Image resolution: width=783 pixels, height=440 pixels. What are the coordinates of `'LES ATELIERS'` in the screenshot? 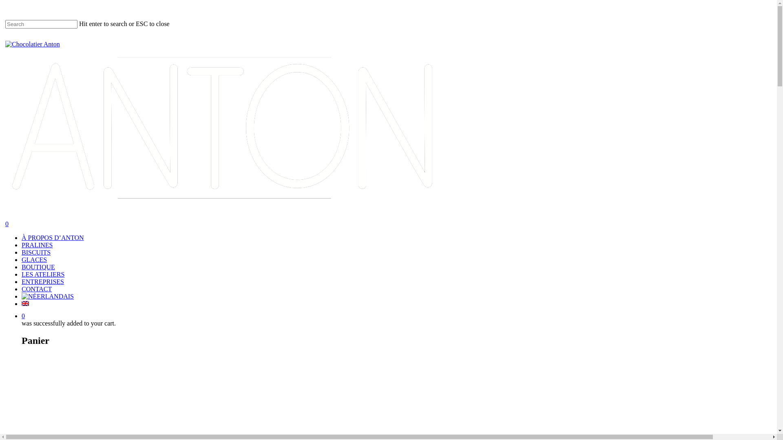 It's located at (42, 274).